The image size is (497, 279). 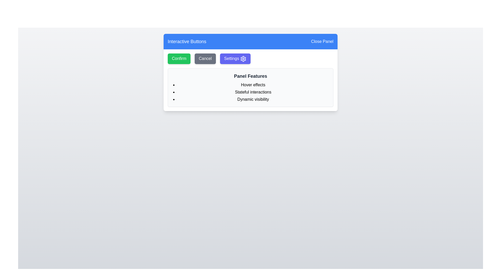 What do you see at coordinates (322, 41) in the screenshot?
I see `the close button located in the top-right corner of the 'Interactive Buttons' panel` at bounding box center [322, 41].